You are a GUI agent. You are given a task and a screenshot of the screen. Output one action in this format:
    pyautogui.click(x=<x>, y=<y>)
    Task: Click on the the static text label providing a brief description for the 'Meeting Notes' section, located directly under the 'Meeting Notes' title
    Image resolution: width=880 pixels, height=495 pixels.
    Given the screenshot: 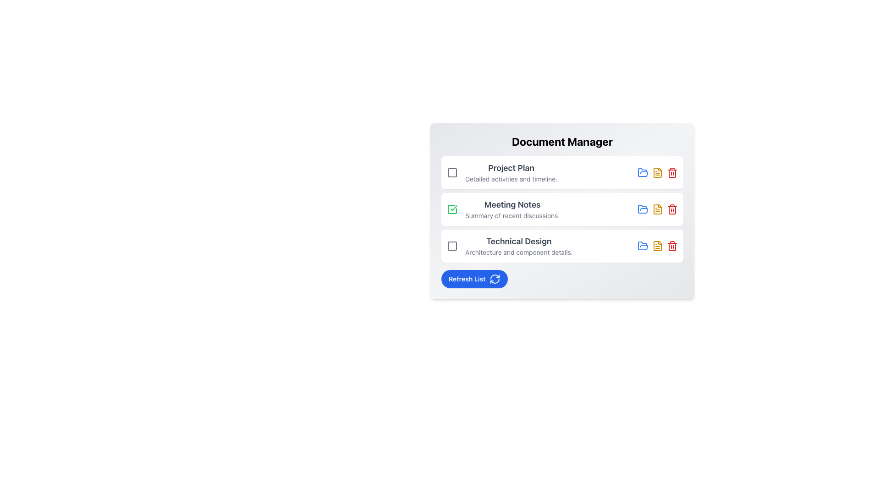 What is the action you would take?
    pyautogui.click(x=512, y=215)
    